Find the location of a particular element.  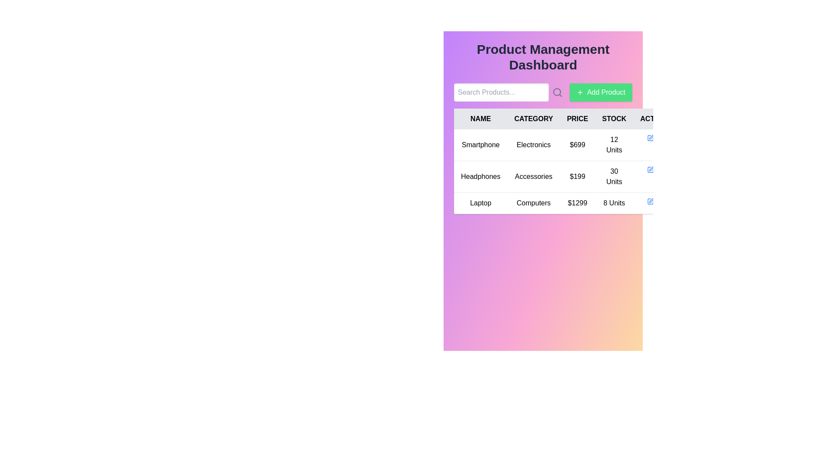

the magnifying glass icon, which is a gray minimalist design located immediately to the right of the 'Search Products...' input field is located at coordinates (557, 92).